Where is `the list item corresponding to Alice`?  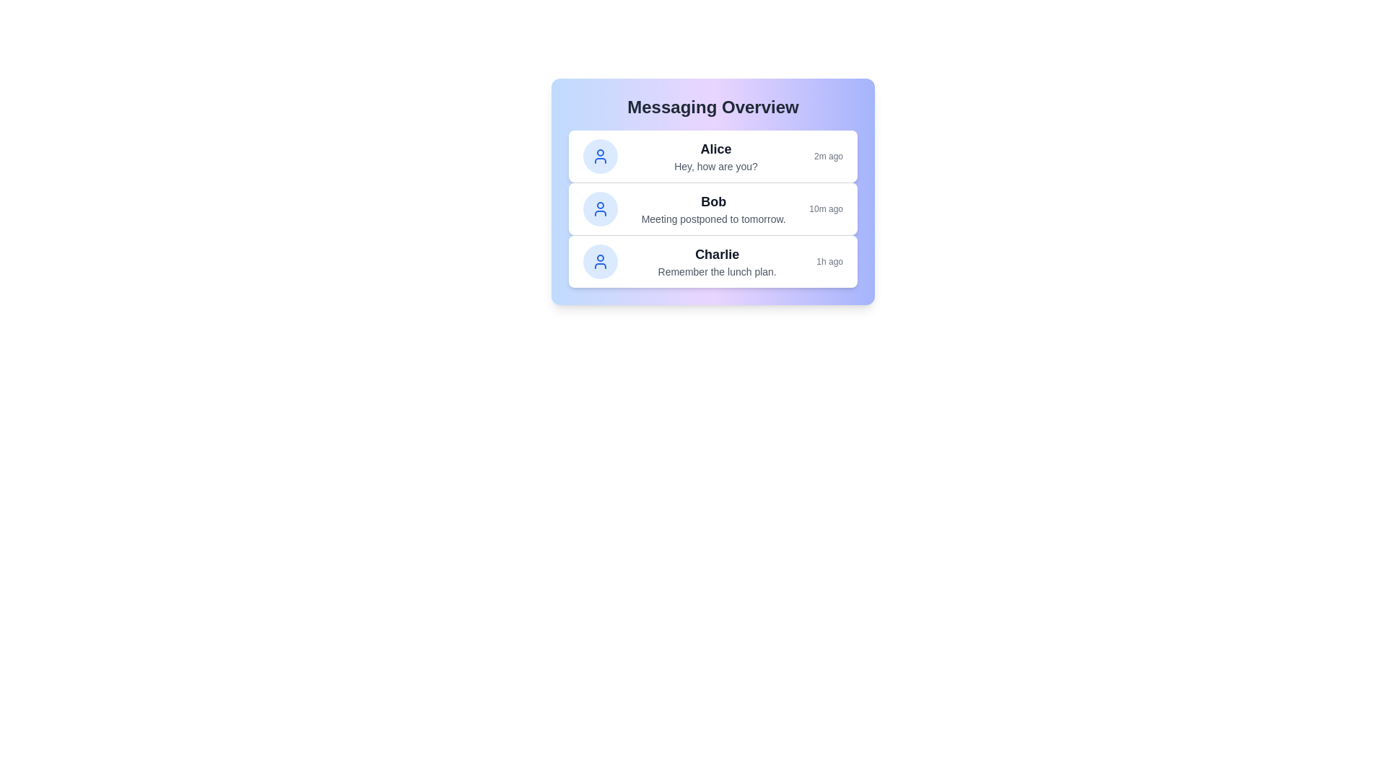 the list item corresponding to Alice is located at coordinates (713, 156).